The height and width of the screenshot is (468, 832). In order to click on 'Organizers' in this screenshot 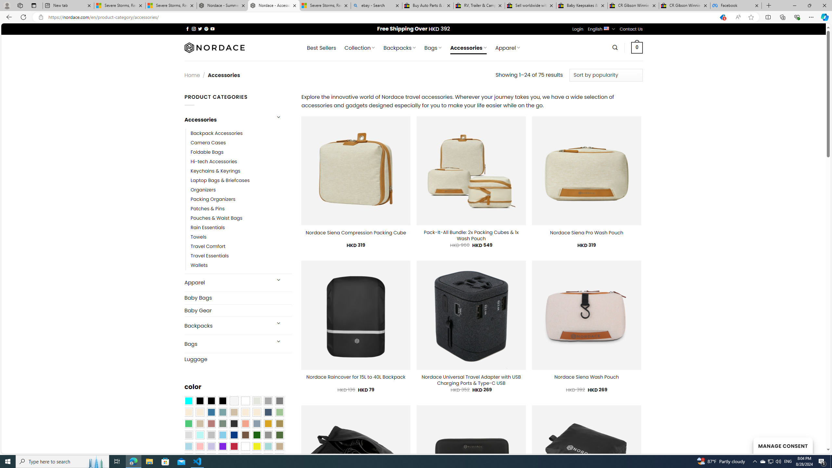, I will do `click(202, 190)`.